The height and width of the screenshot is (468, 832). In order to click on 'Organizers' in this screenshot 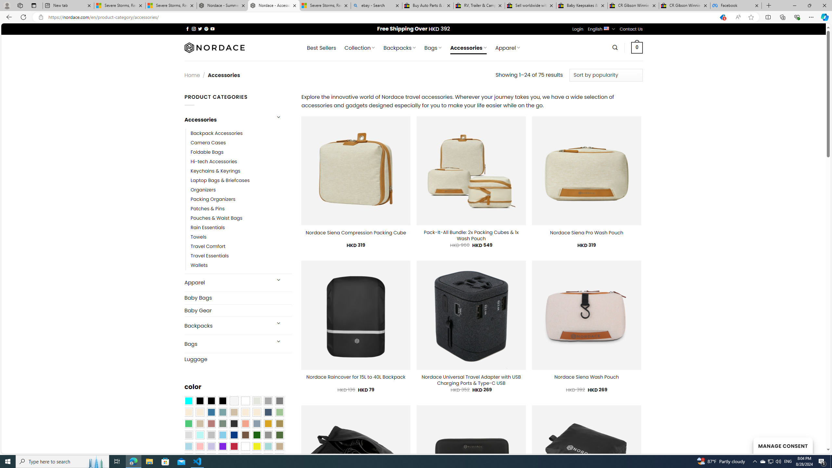, I will do `click(202, 190)`.